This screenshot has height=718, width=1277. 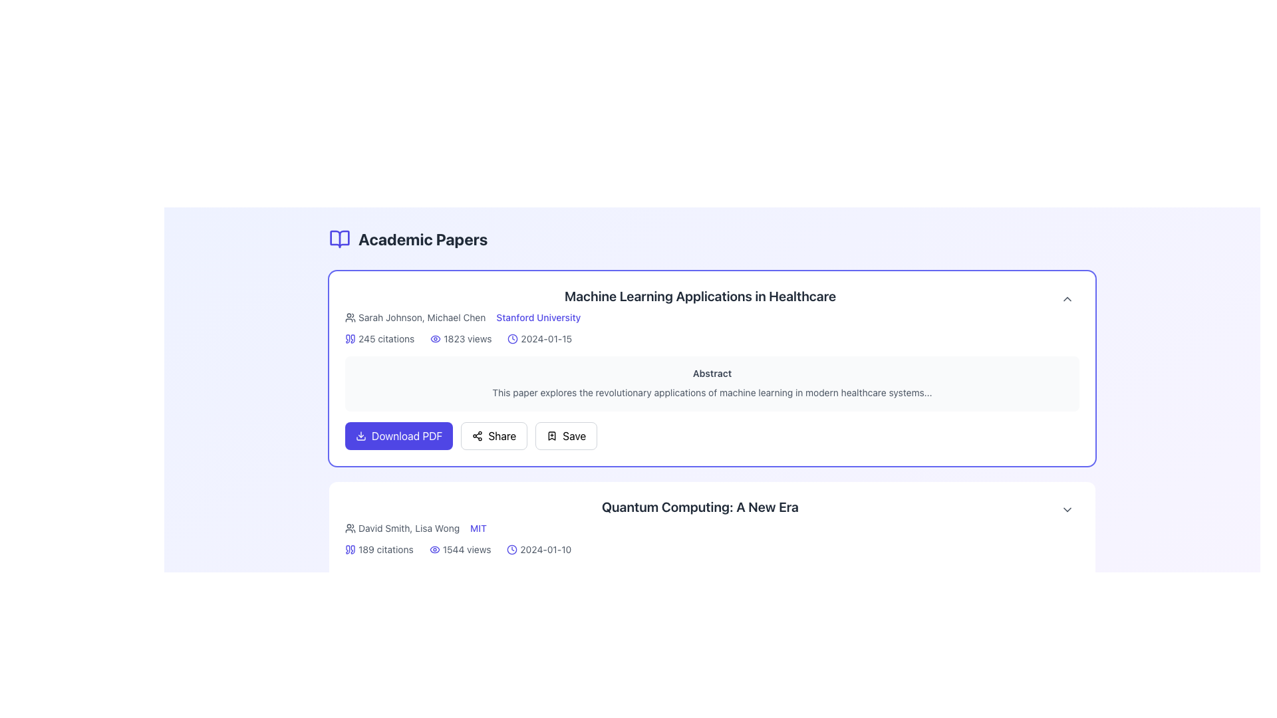 I want to click on the text label displaying the publication date, which is located on the right-hand side of the second entry in the list of content information, so click(x=539, y=549).